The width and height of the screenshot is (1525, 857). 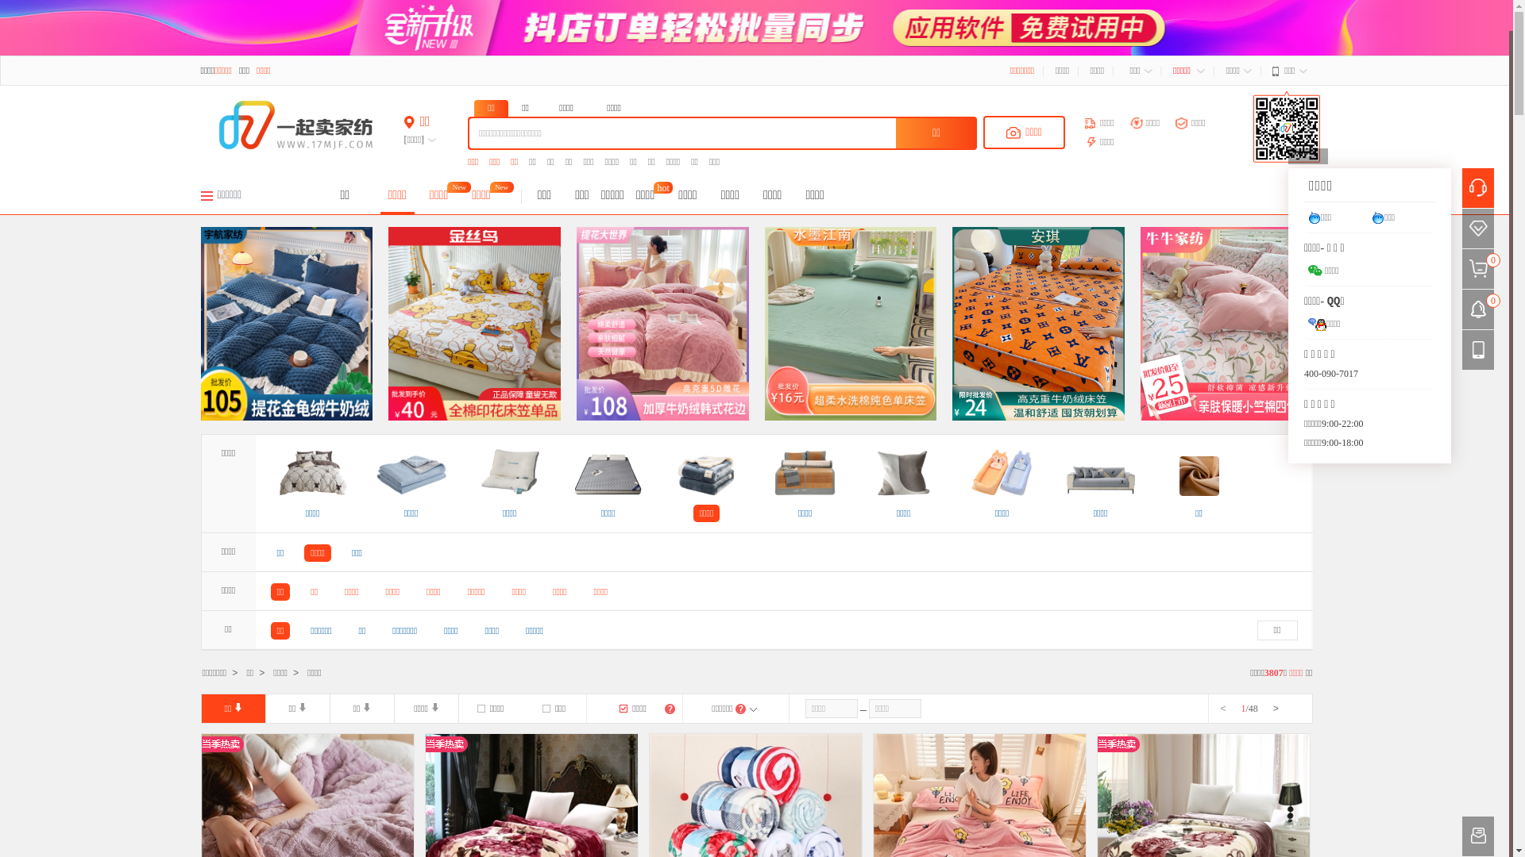 What do you see at coordinates (1274, 709) in the screenshot?
I see `'>'` at bounding box center [1274, 709].